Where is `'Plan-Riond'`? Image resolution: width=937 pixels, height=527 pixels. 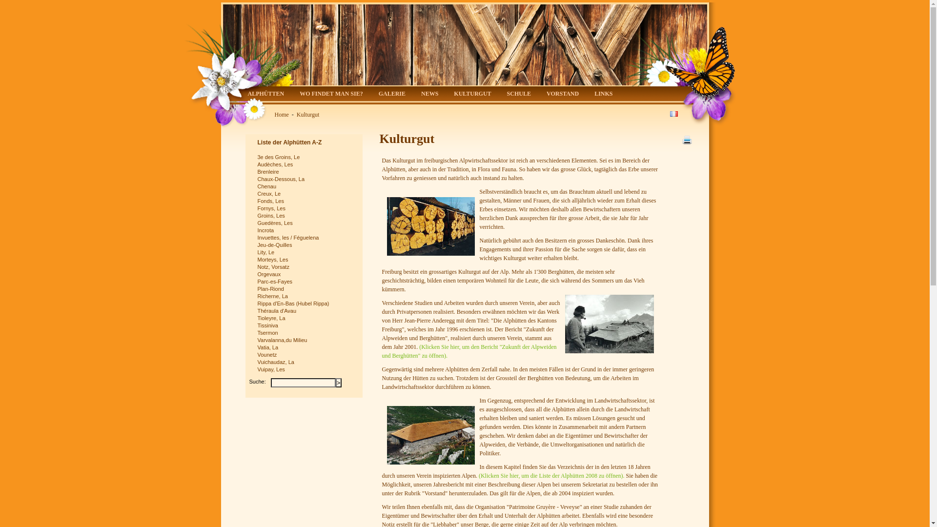 'Plan-Riond' is located at coordinates (258, 288).